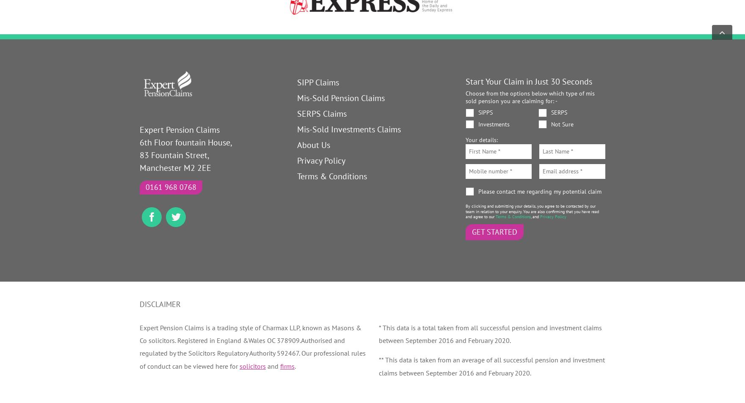 This screenshot has height=403, width=745. Describe the element at coordinates (297, 113) in the screenshot. I see `'SERPS Claims'` at that location.